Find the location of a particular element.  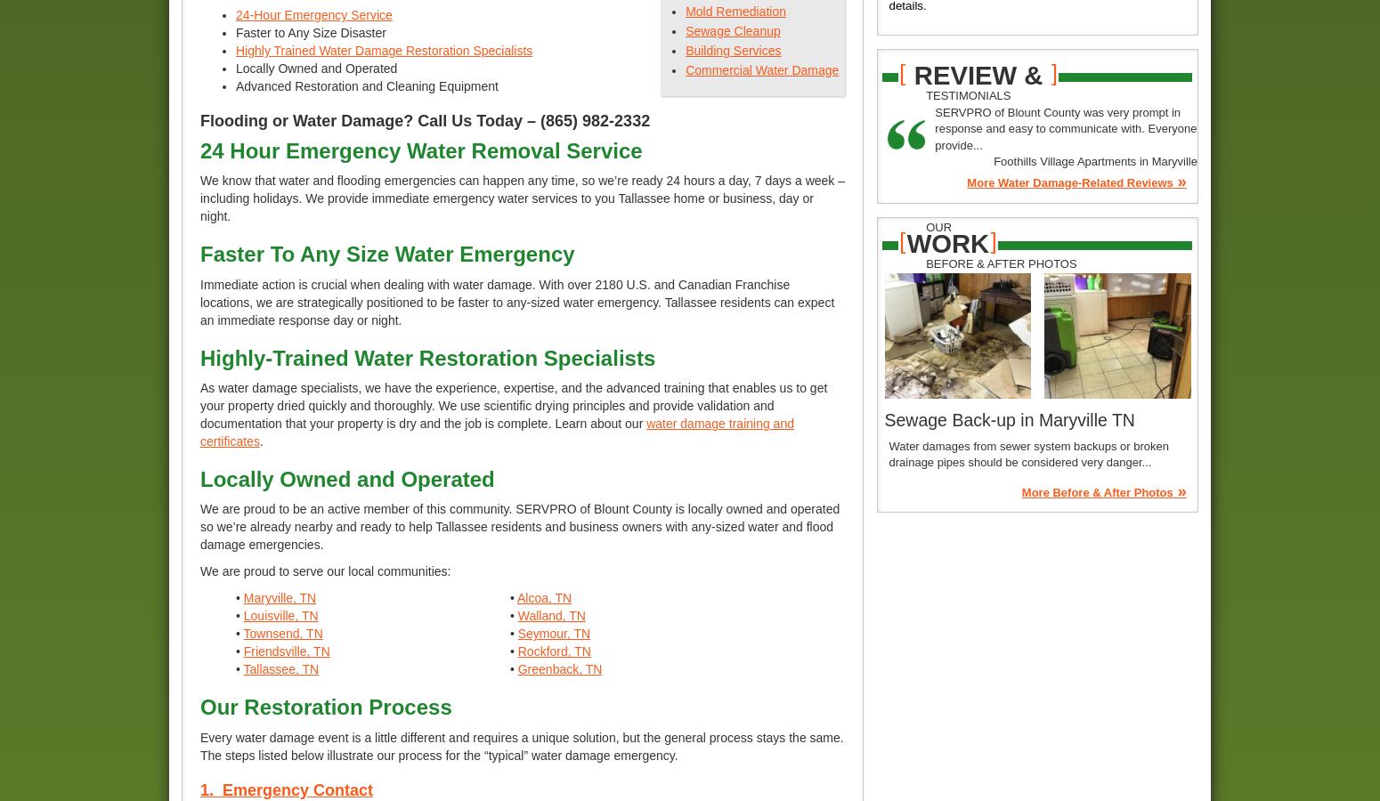

'Immediate action is crucial when dealing with water damage. With over' is located at coordinates (397, 282).